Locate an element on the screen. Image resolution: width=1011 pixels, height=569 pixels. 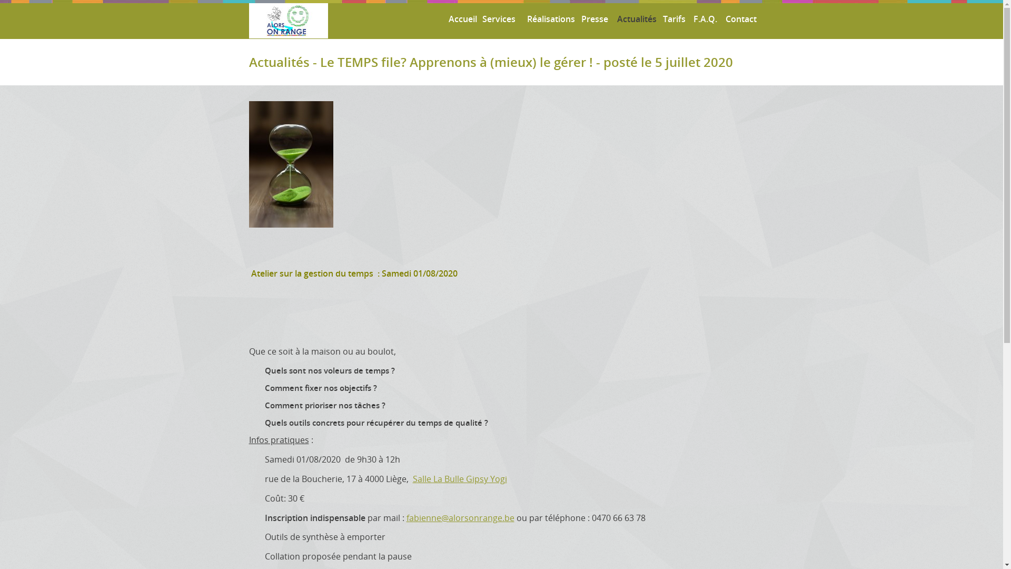
'Tarifs' is located at coordinates (672, 18).